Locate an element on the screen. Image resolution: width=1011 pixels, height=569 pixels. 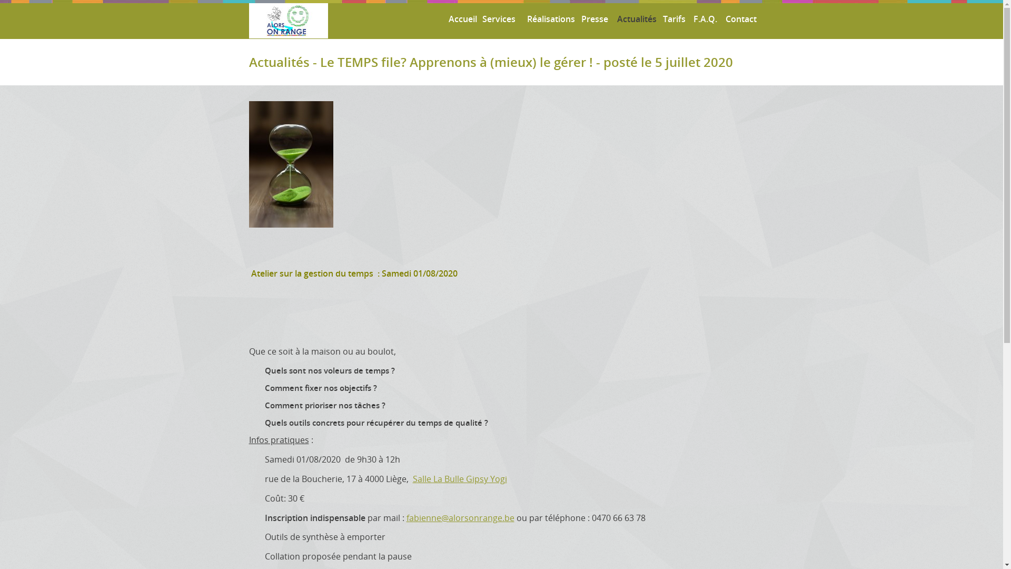
'Tarifs' is located at coordinates (672, 18).